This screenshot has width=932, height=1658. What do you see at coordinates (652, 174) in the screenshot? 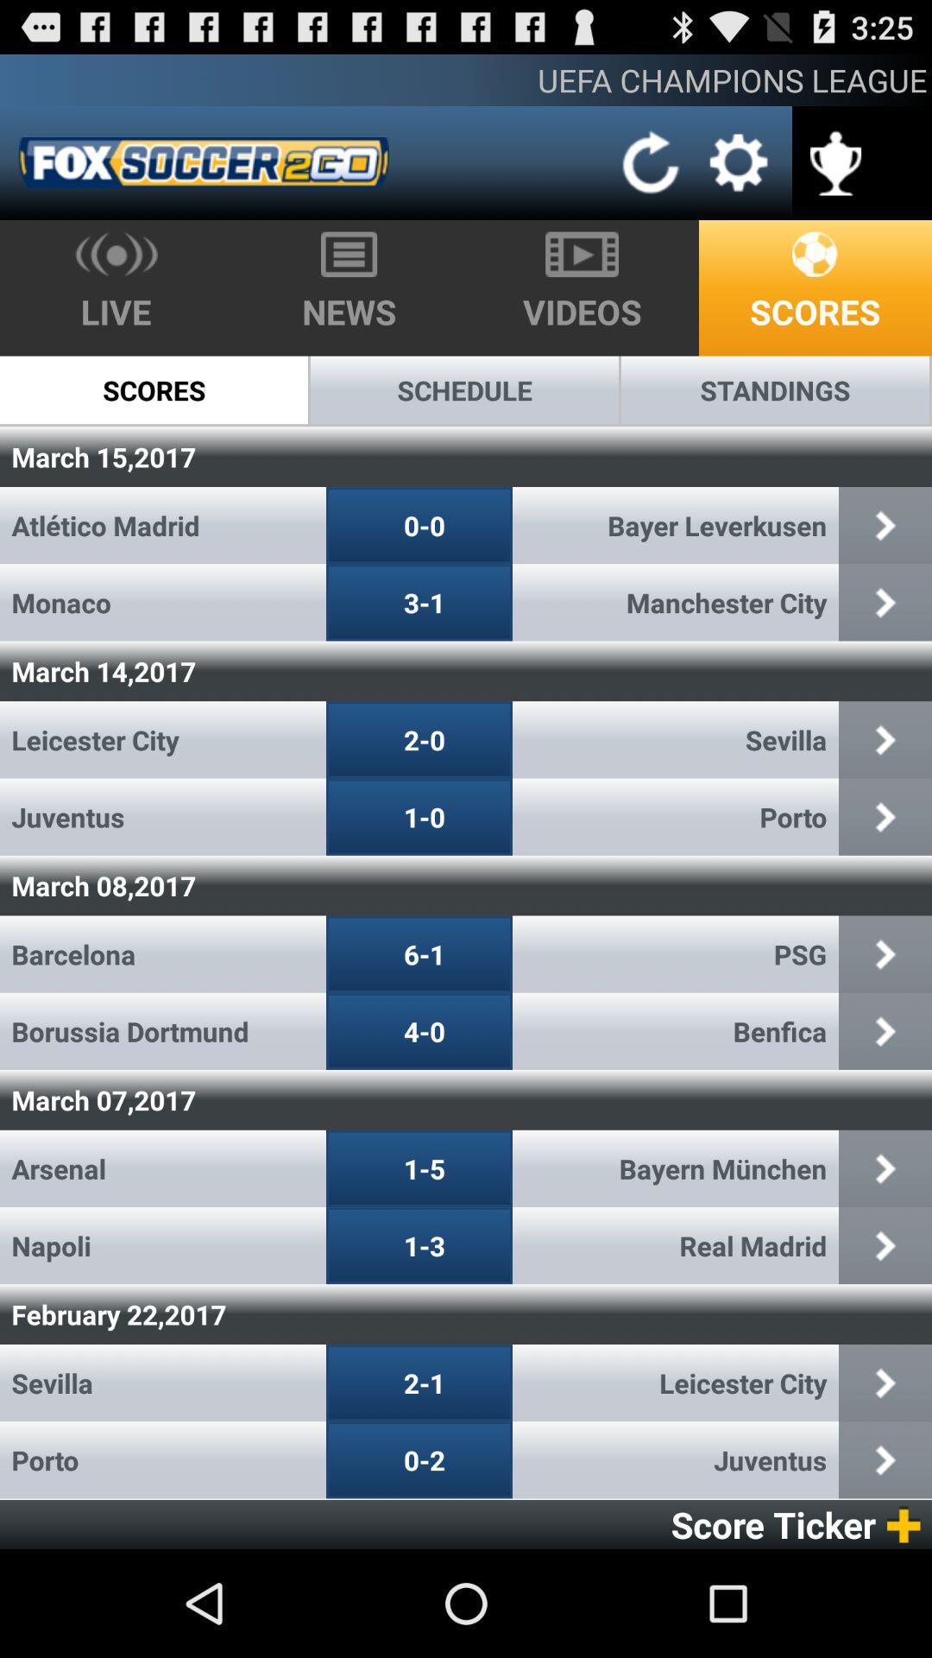
I see `the refresh icon` at bounding box center [652, 174].